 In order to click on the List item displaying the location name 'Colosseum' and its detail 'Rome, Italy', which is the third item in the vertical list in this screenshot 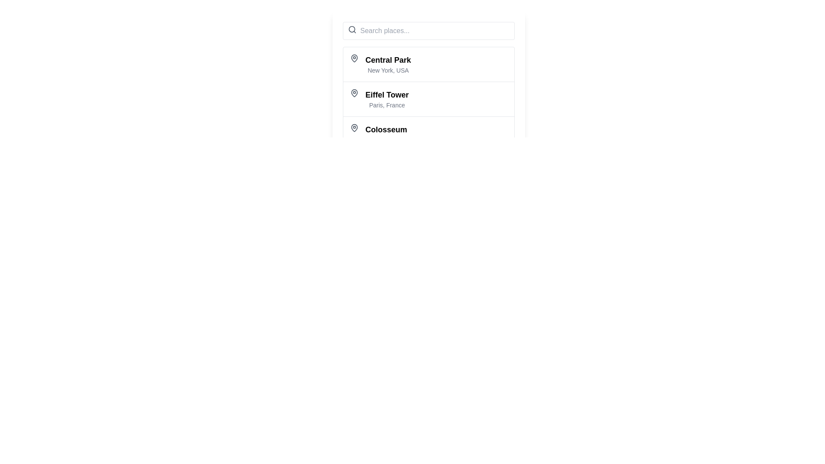, I will do `click(428, 134)`.